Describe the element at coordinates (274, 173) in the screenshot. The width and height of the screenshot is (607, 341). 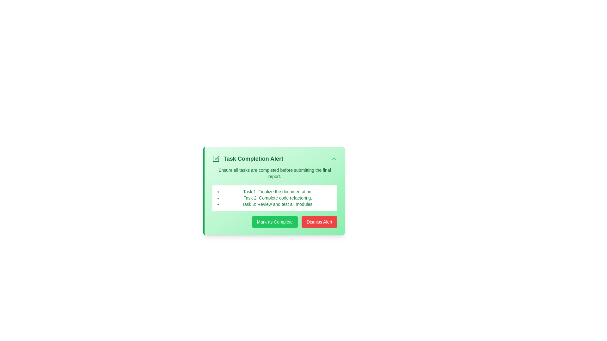
I see `the task completion instructions text` at that location.